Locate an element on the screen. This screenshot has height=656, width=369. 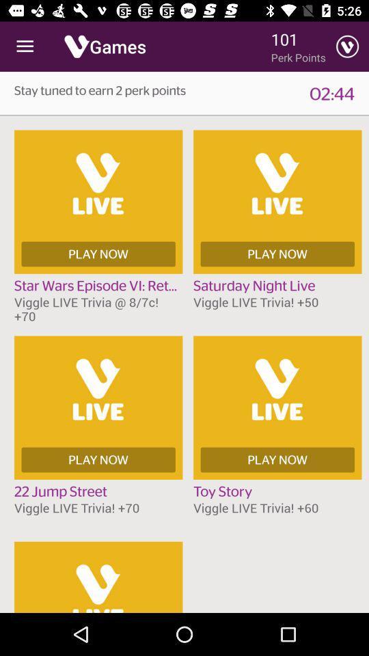
icon above stay tuned to item is located at coordinates (25, 46).